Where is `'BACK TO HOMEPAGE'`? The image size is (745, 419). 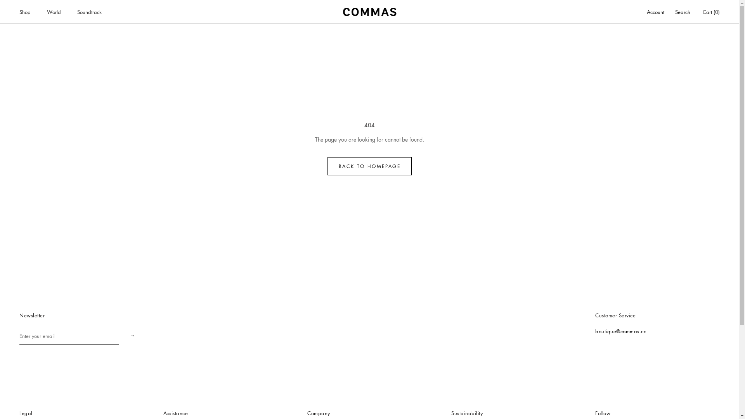
'BACK TO HOMEPAGE' is located at coordinates (369, 166).